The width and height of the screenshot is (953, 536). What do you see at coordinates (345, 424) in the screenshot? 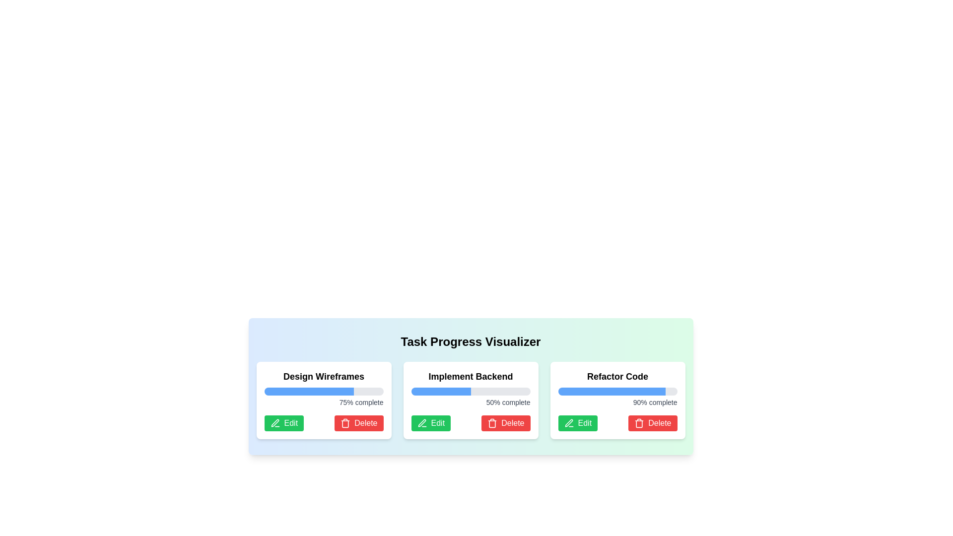
I see `the minimalist outline trash can icon located inside the 'Delete' button below the task titled 'Design Wireframes'` at bounding box center [345, 424].